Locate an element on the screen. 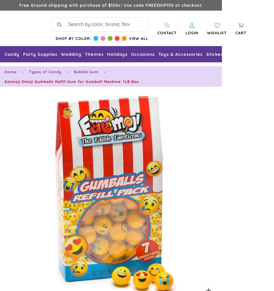  'Return Policy' is located at coordinates (17, 274).